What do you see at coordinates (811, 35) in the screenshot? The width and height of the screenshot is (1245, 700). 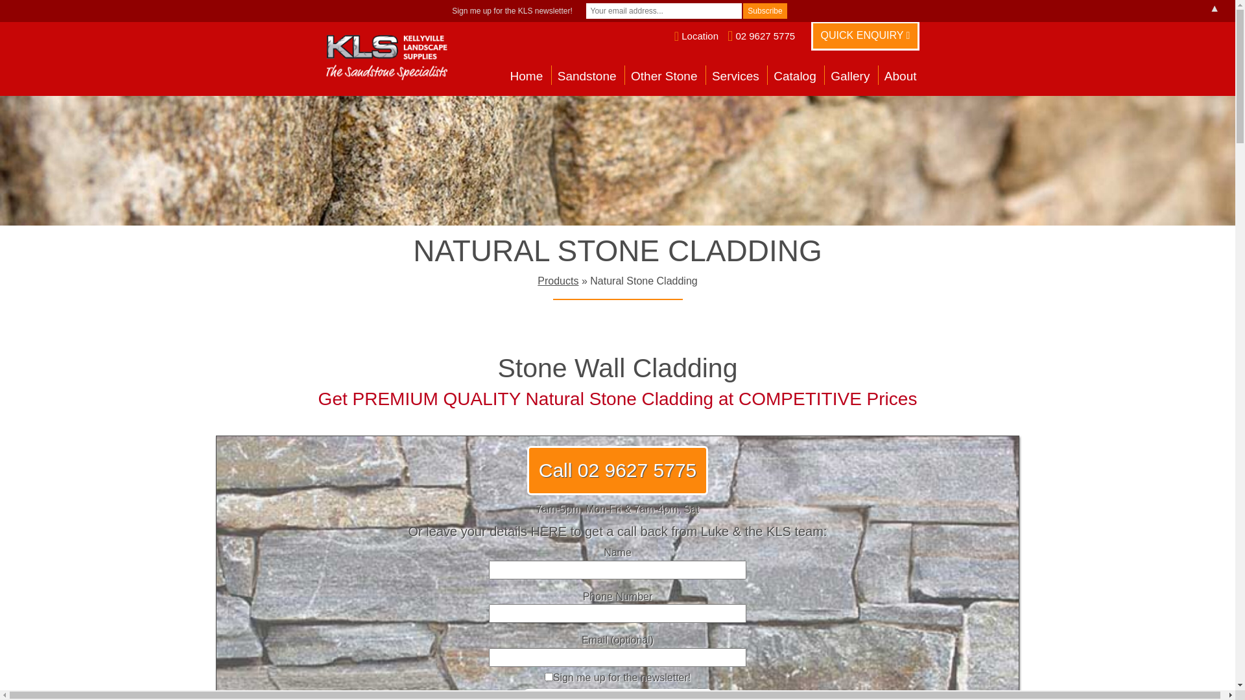 I see `'QUICK ENQUIRY'` at bounding box center [811, 35].